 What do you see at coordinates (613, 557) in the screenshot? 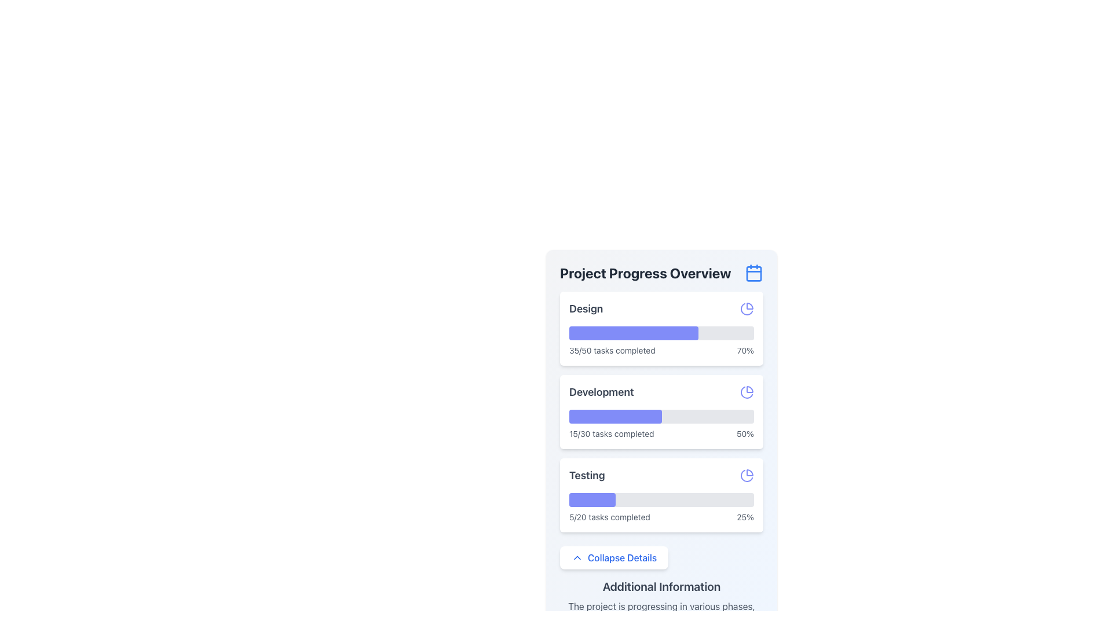
I see `the 'Collapse Details' button located at the bottom of the 'Project Progress Overview' section, which has a white background and blue text with a chevron-up icon` at bounding box center [613, 557].